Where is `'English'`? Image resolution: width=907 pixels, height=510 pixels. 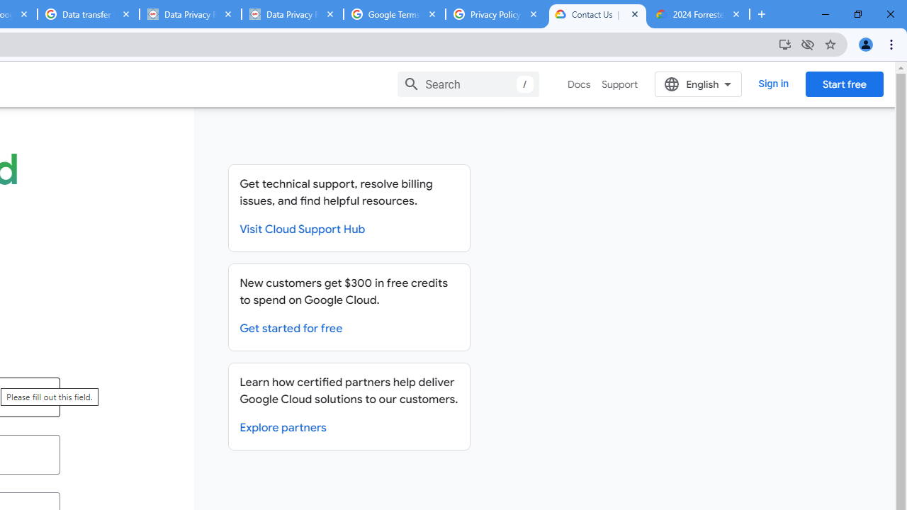 'English' is located at coordinates (698, 84).